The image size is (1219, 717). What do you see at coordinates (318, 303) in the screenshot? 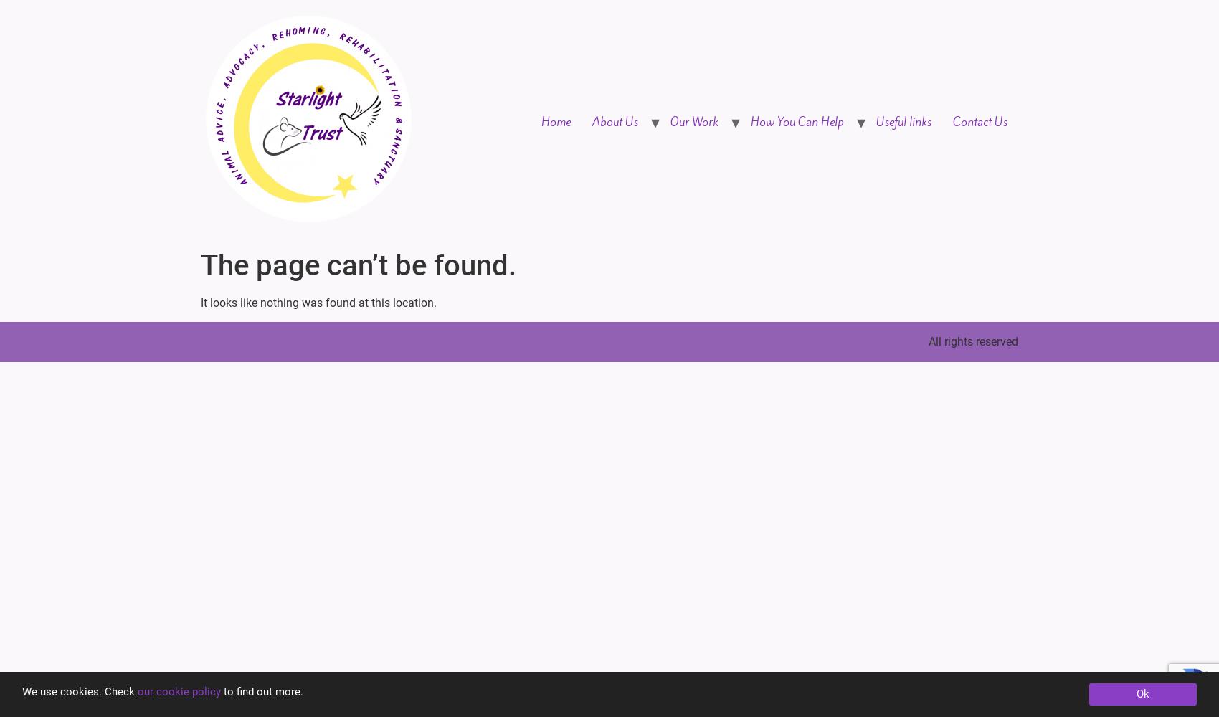
I see `'It looks like nothing was found at this location.'` at bounding box center [318, 303].